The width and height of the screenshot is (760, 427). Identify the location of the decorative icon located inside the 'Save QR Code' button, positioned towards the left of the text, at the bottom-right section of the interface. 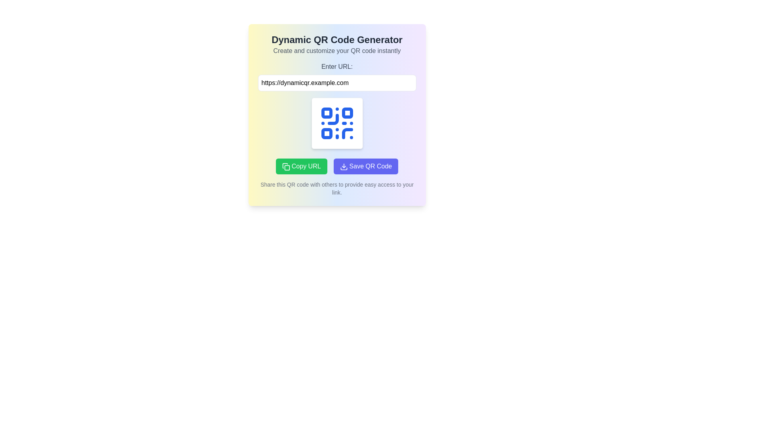
(344, 166).